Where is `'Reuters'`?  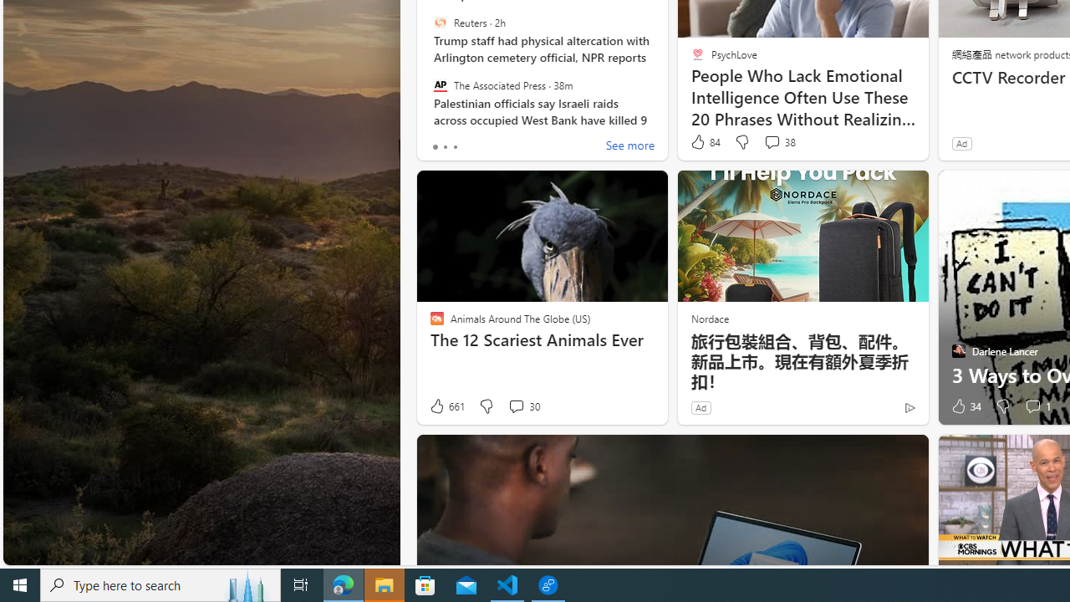
'Reuters' is located at coordinates (440, 23).